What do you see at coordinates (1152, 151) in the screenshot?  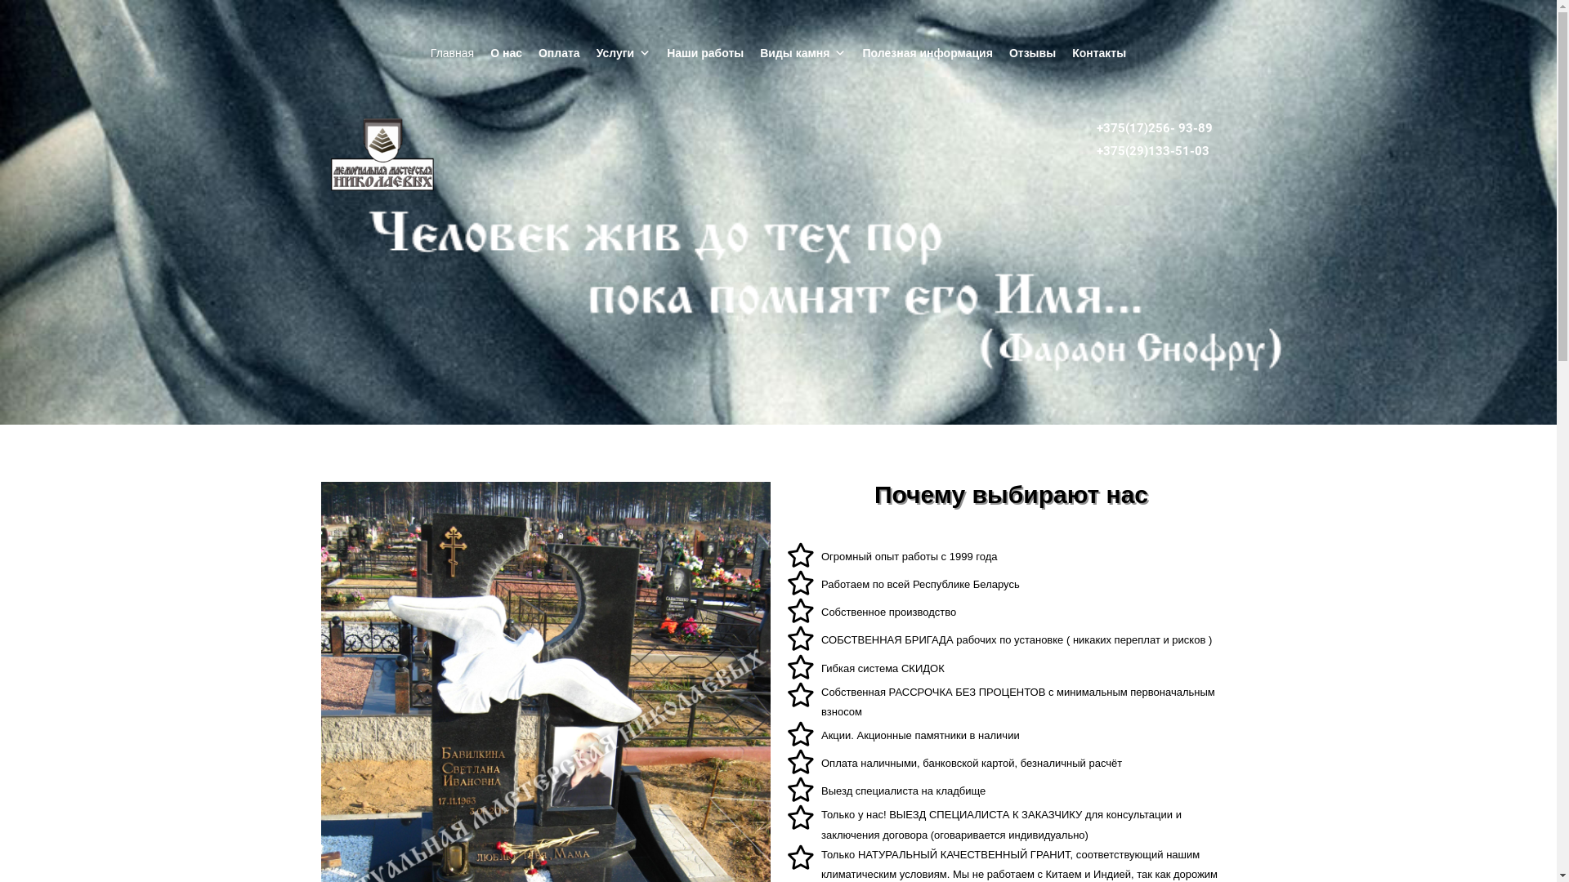 I see `'+375(29)133-51-03'` at bounding box center [1152, 151].